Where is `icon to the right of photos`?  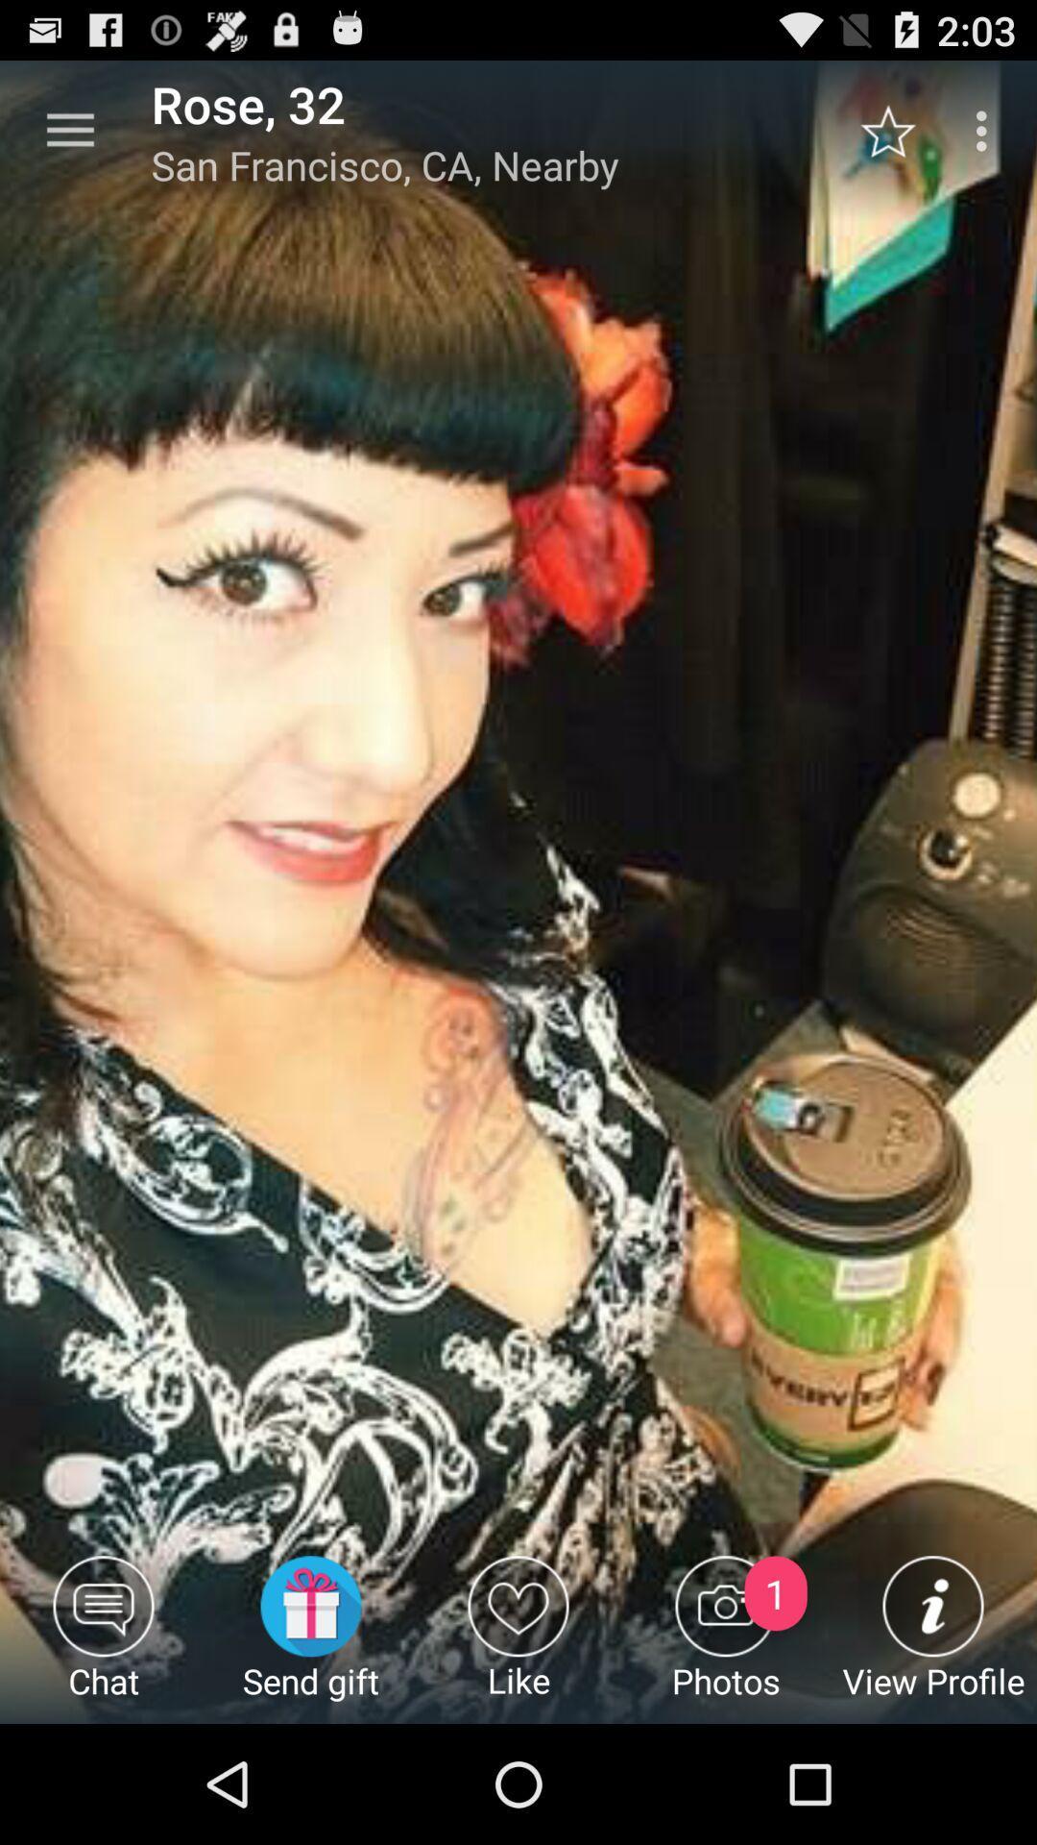
icon to the right of photos is located at coordinates (932, 1638).